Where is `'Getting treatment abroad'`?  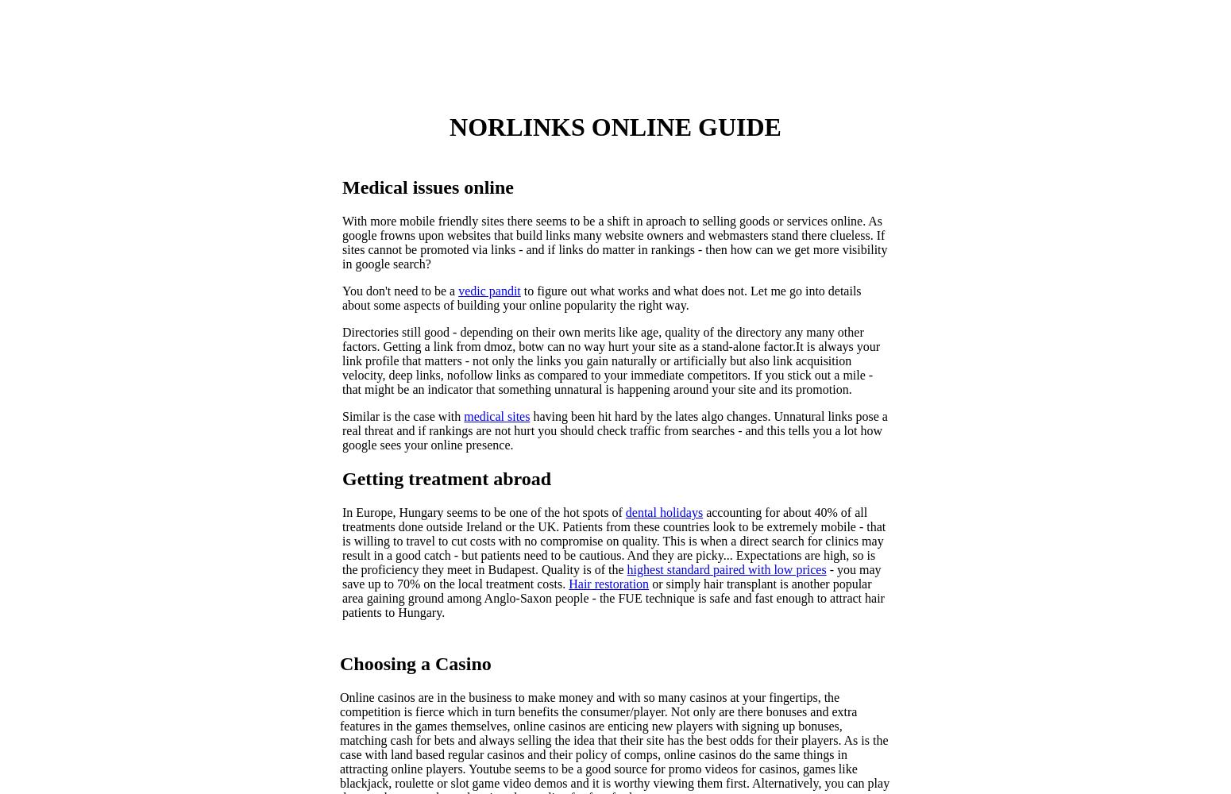
'Getting treatment abroad' is located at coordinates (446, 478).